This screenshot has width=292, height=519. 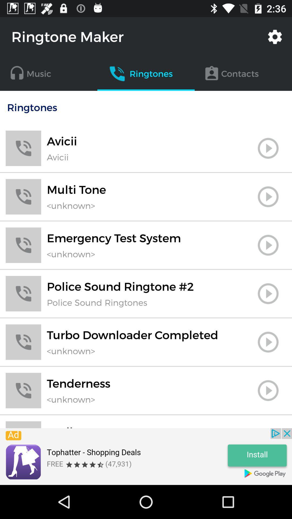 What do you see at coordinates (268, 196) in the screenshot?
I see `multi tone` at bounding box center [268, 196].